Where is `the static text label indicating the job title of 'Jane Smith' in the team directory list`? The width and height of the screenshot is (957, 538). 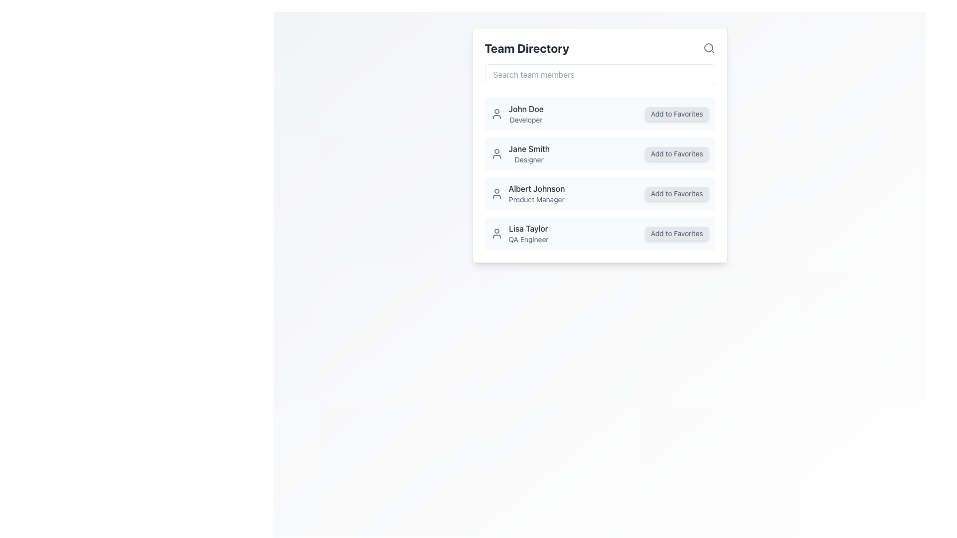 the static text label indicating the job title of 'Jane Smith' in the team directory list is located at coordinates (528, 159).